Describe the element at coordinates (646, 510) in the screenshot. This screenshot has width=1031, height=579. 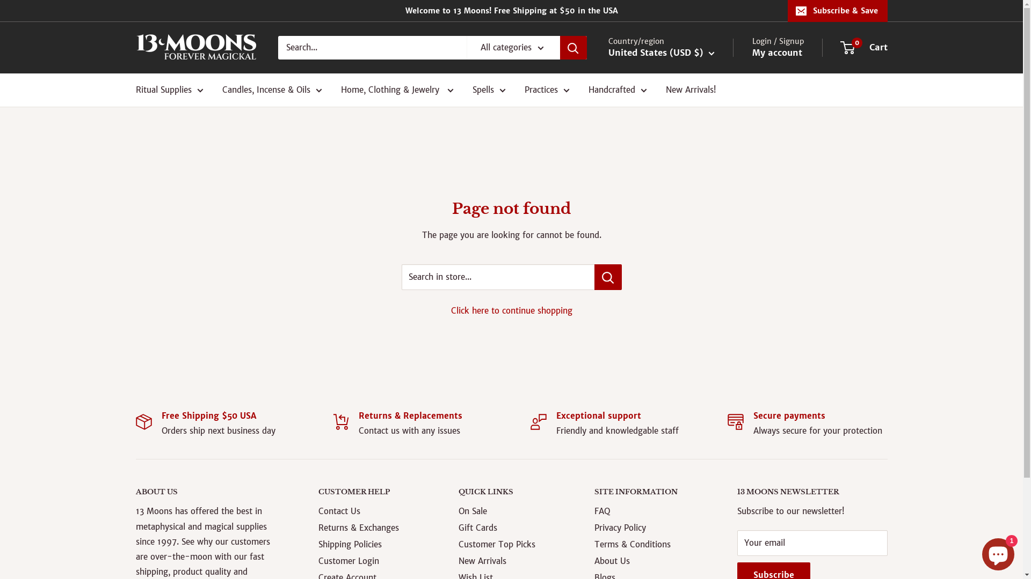
I see `'FAQ'` at that location.